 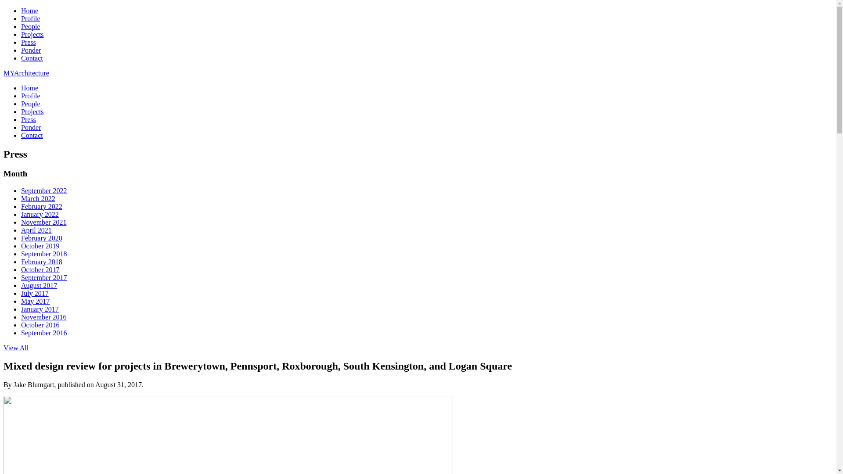 I want to click on 'MYArchitecture', so click(x=26, y=72).